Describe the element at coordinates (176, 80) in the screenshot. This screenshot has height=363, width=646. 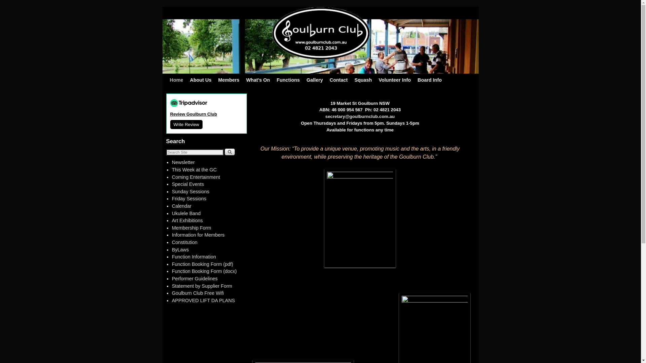
I see `'Home'` at that location.